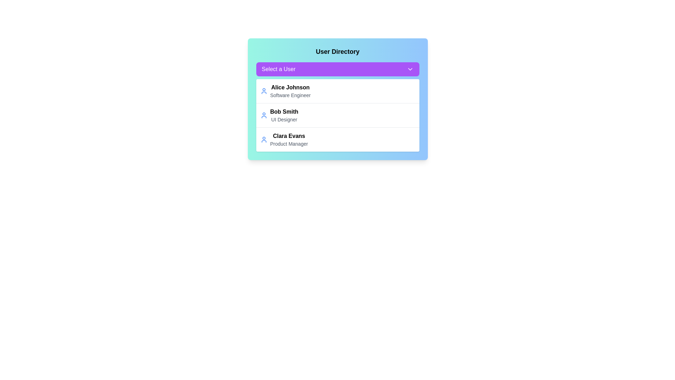 This screenshot has height=380, width=675. Describe the element at coordinates (284, 119) in the screenshot. I see `the static text label 'UI Designer' which is displayed in light gray color, positioned below 'Bob Smith' in the user directory layout` at that location.